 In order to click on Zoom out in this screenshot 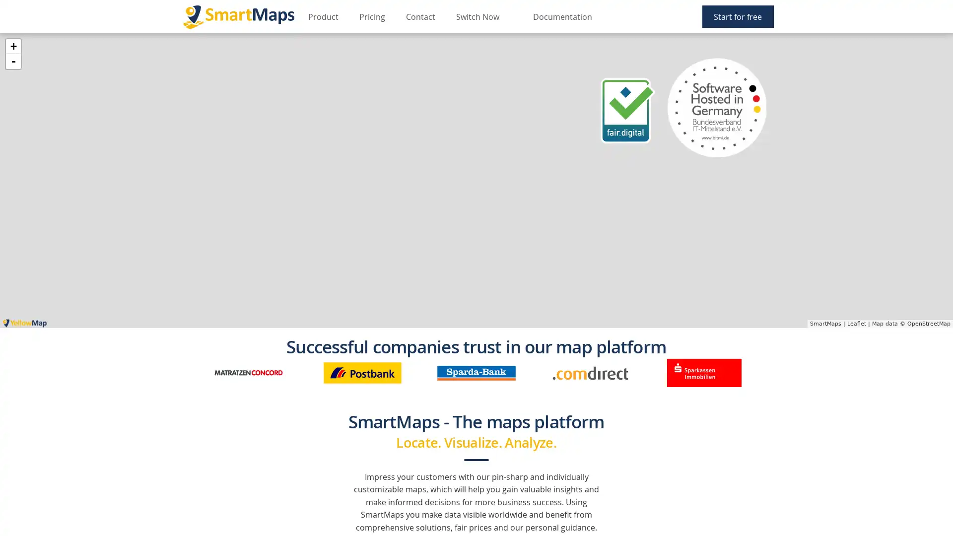, I will do `click(13, 61)`.